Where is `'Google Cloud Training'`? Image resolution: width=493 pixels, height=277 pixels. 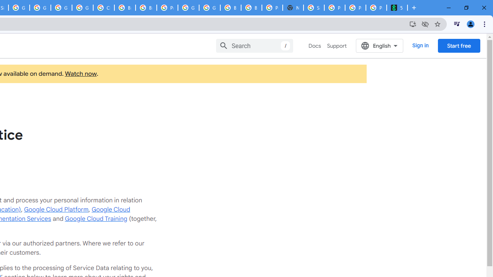
'Google Cloud Training' is located at coordinates (96, 219).